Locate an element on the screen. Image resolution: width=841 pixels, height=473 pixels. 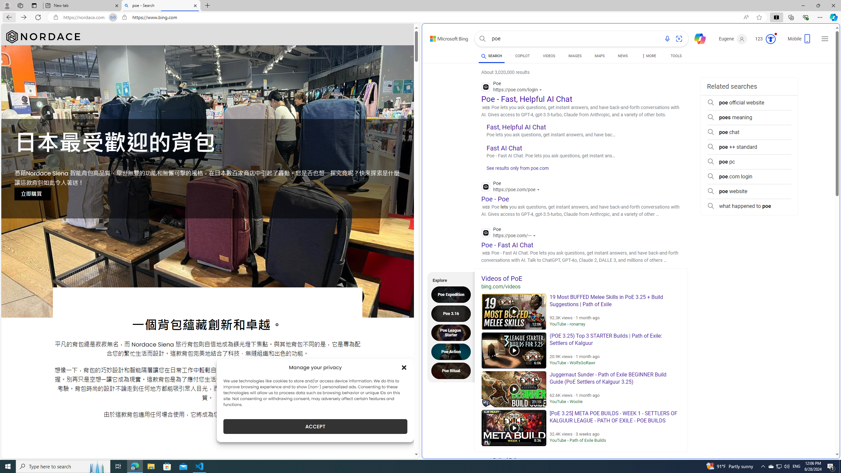
'Poe Ritual' is located at coordinates (452, 370).